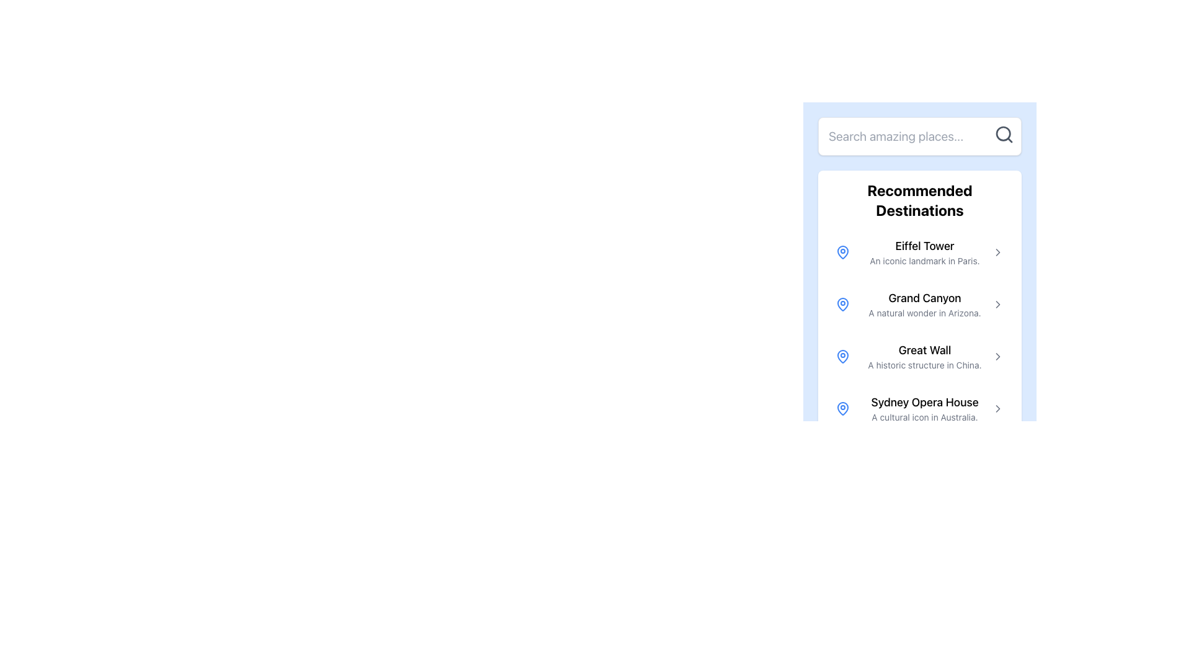 Image resolution: width=1191 pixels, height=670 pixels. I want to click on the right-facing chevron icon at the far-right side of the 'Sydney Opera House' list item in the 'Recommended Destinations' list, so click(997, 409).